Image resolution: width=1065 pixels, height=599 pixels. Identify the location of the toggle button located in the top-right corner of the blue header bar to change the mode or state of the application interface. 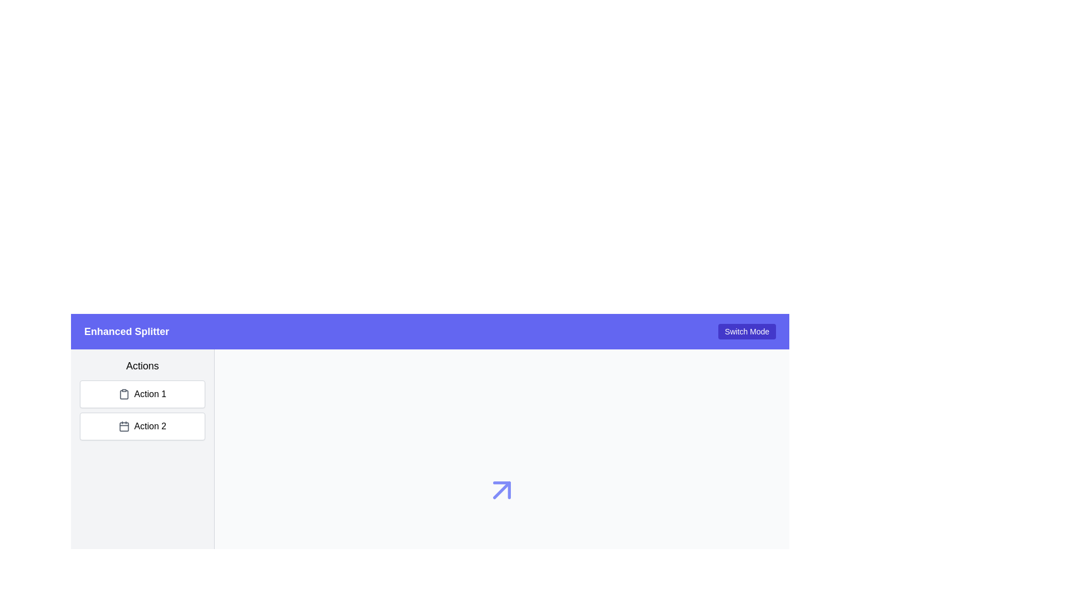
(747, 331).